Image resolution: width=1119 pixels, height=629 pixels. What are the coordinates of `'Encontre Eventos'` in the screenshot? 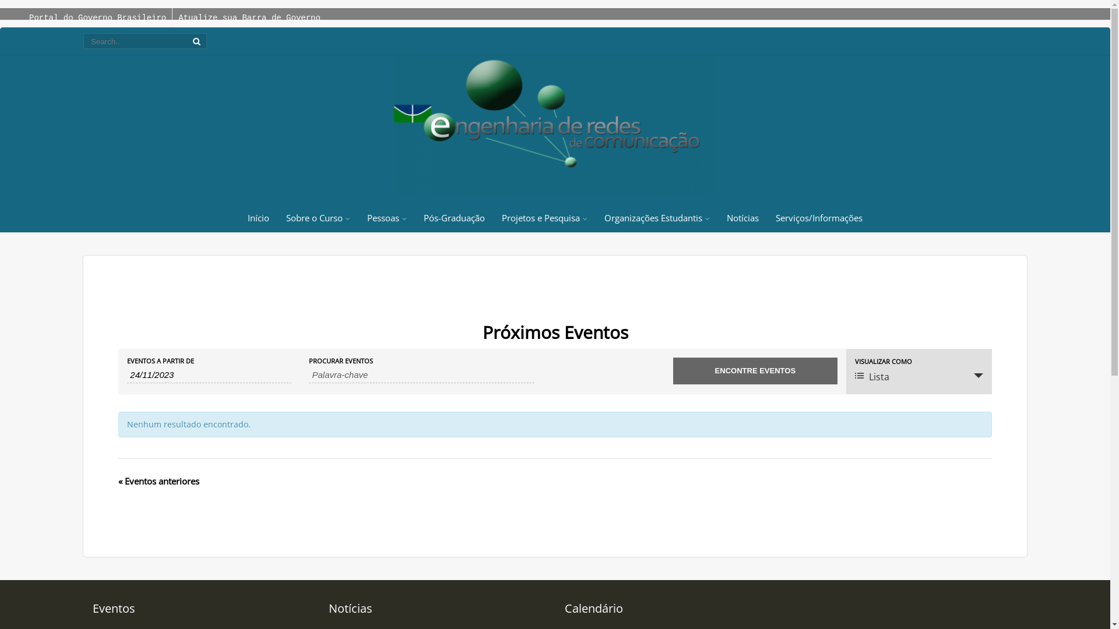 It's located at (755, 370).